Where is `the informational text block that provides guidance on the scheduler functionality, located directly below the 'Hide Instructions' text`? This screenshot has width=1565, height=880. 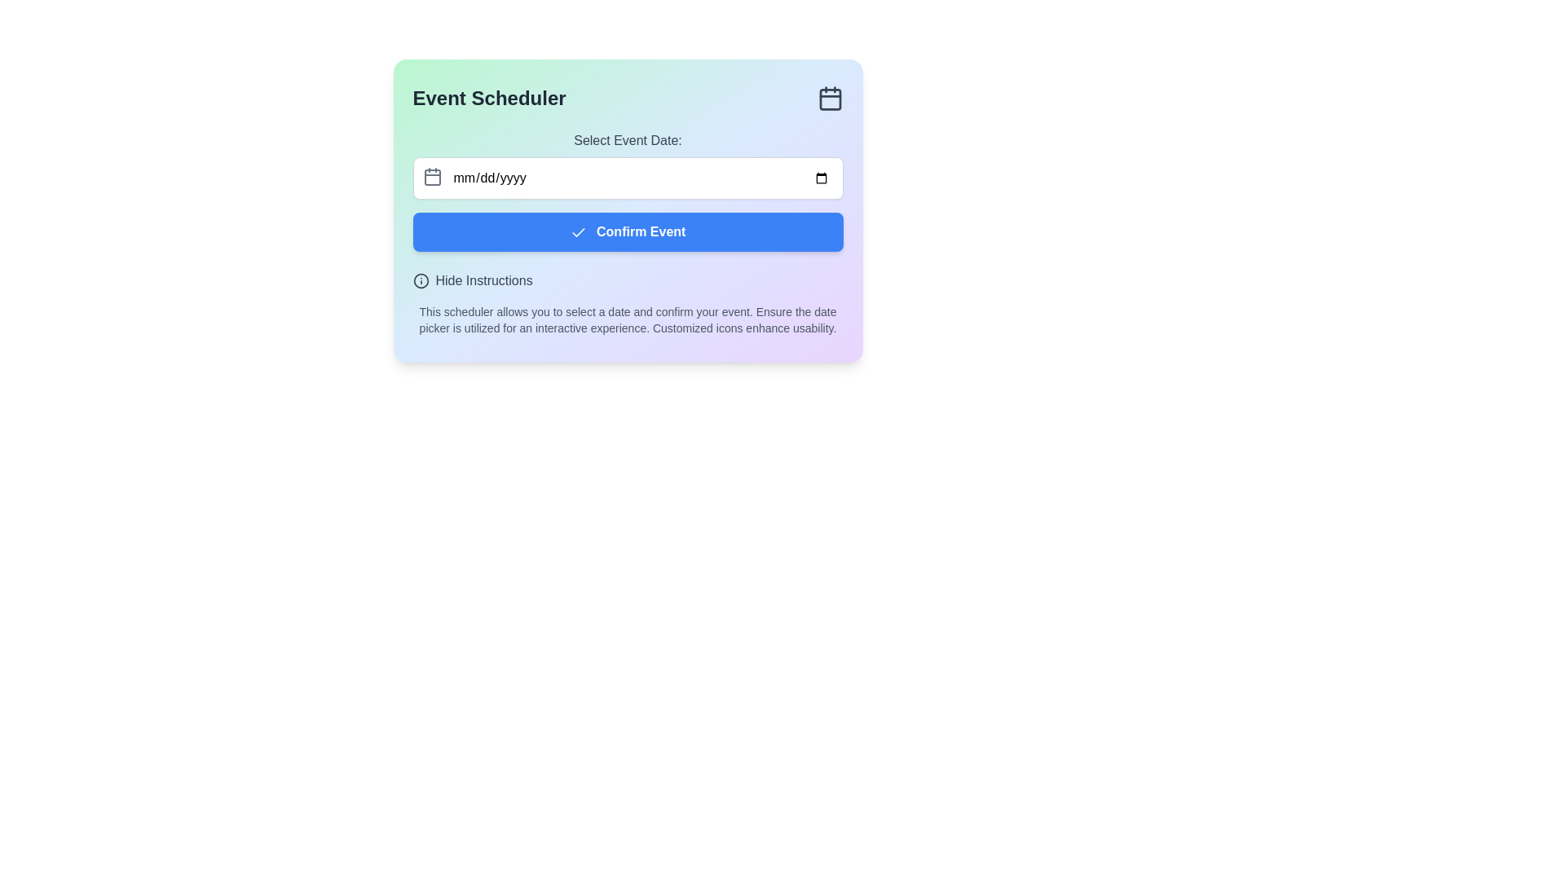
the informational text block that provides guidance on the scheduler functionality, located directly below the 'Hide Instructions' text is located at coordinates (627, 320).